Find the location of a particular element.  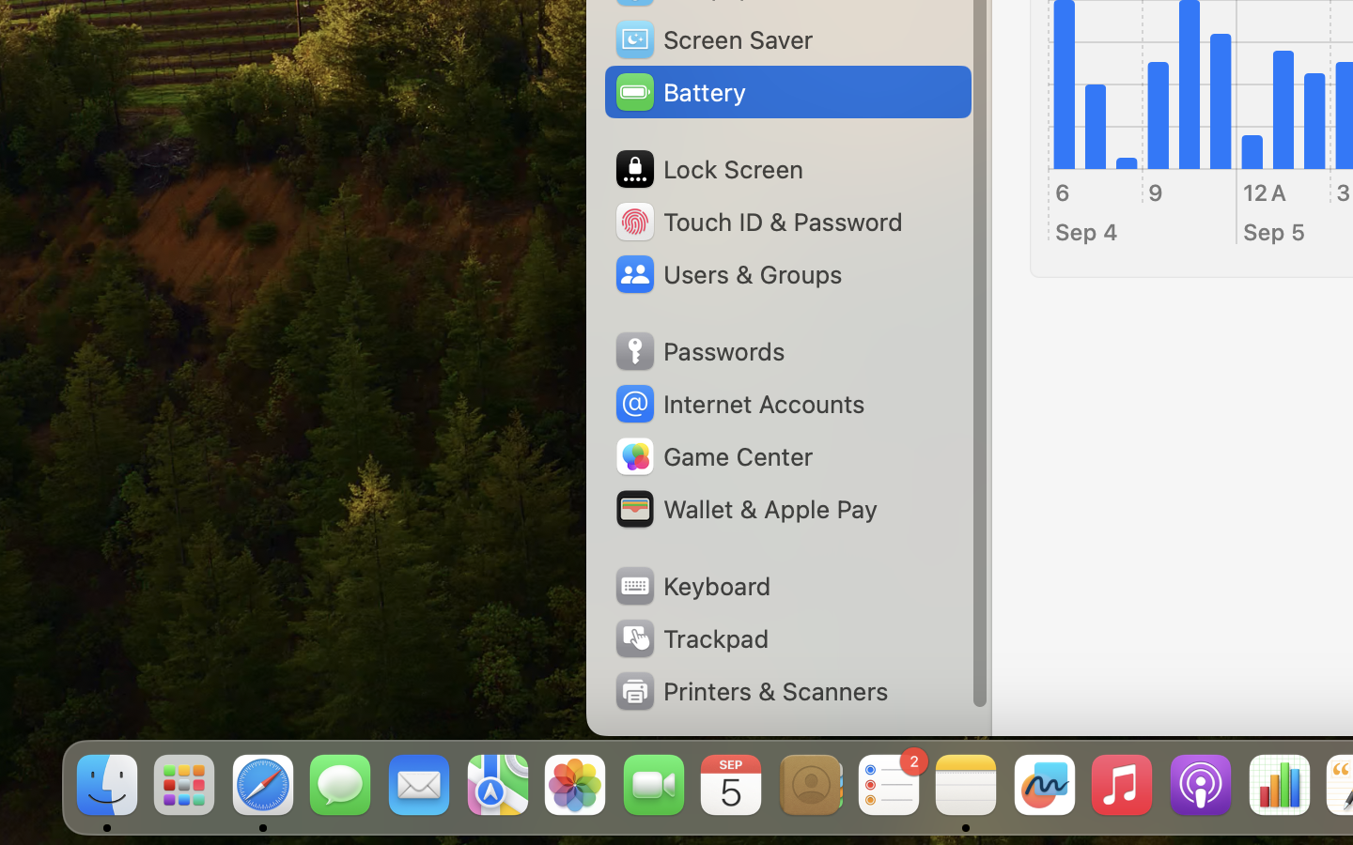

'Keyboard' is located at coordinates (690, 585).